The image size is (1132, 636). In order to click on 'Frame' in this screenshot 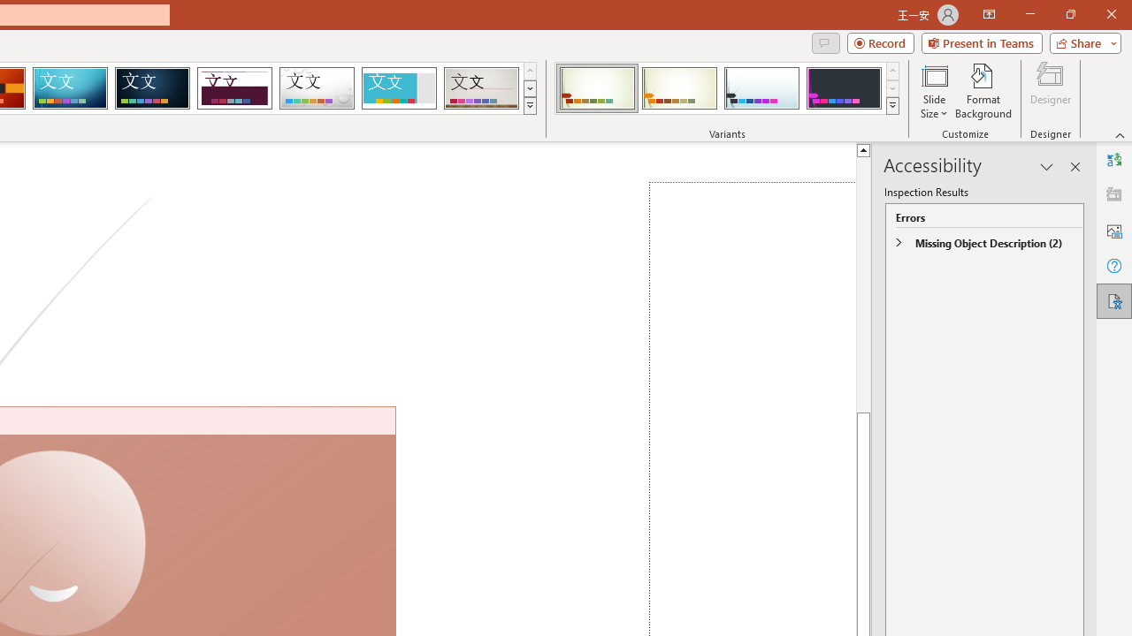, I will do `click(398, 88)`.